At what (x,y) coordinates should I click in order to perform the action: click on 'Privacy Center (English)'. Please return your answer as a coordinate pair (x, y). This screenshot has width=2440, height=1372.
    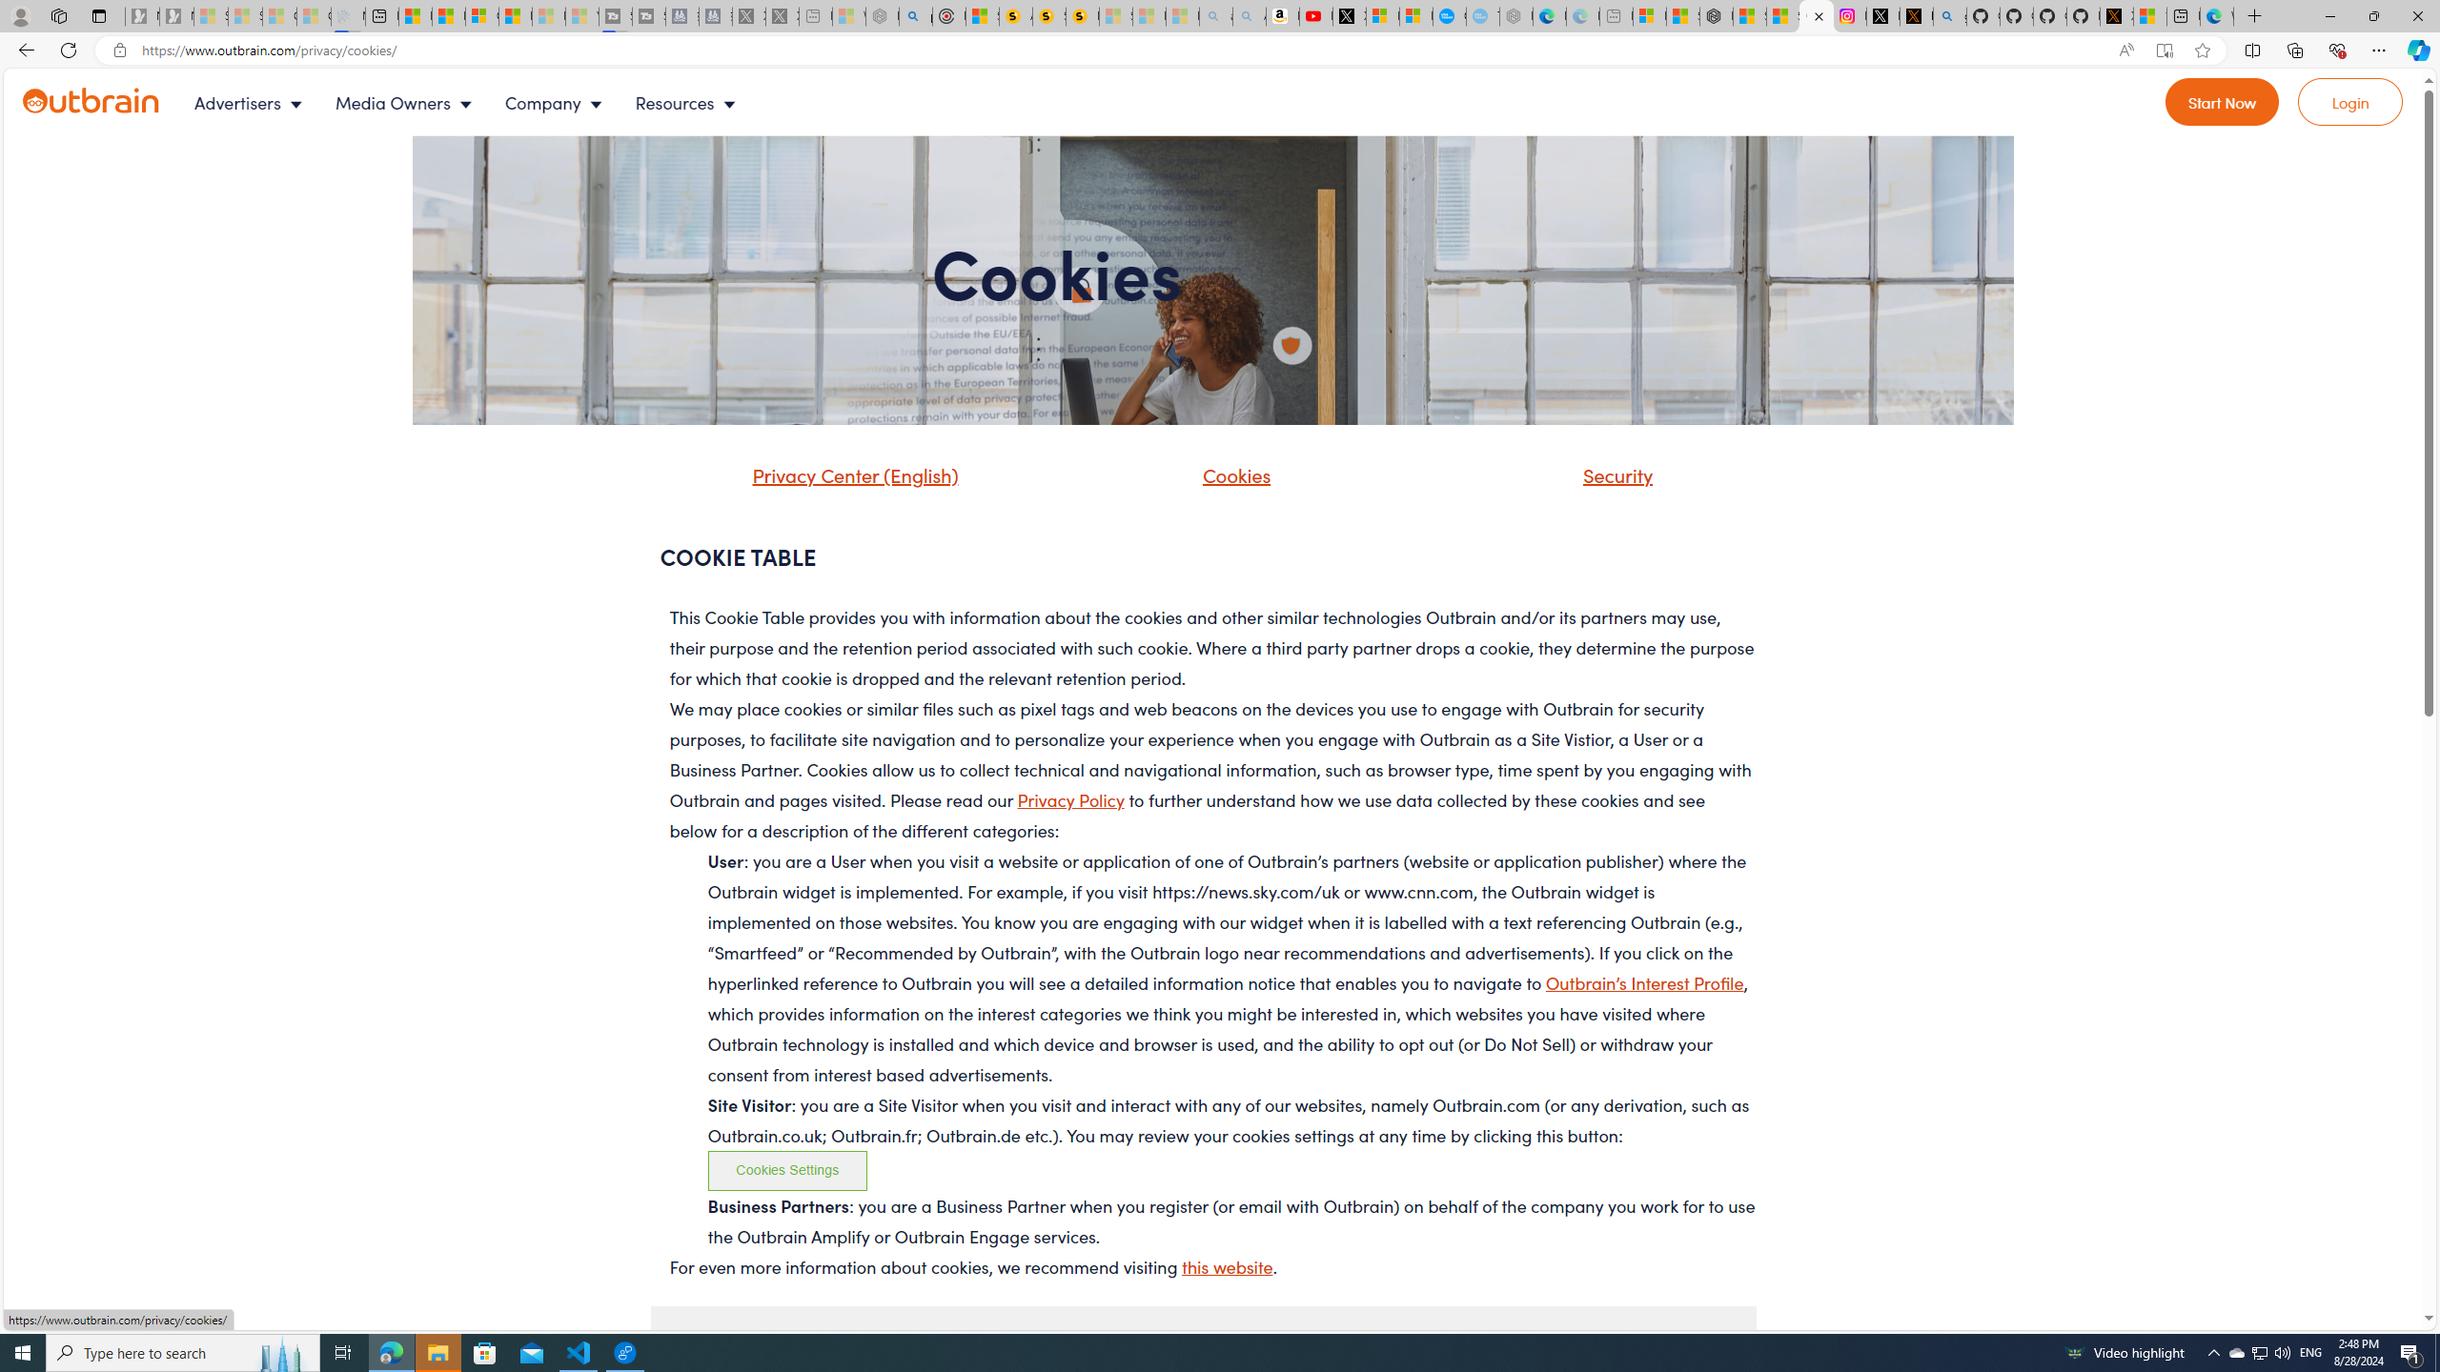
    Looking at the image, I should click on (850, 474).